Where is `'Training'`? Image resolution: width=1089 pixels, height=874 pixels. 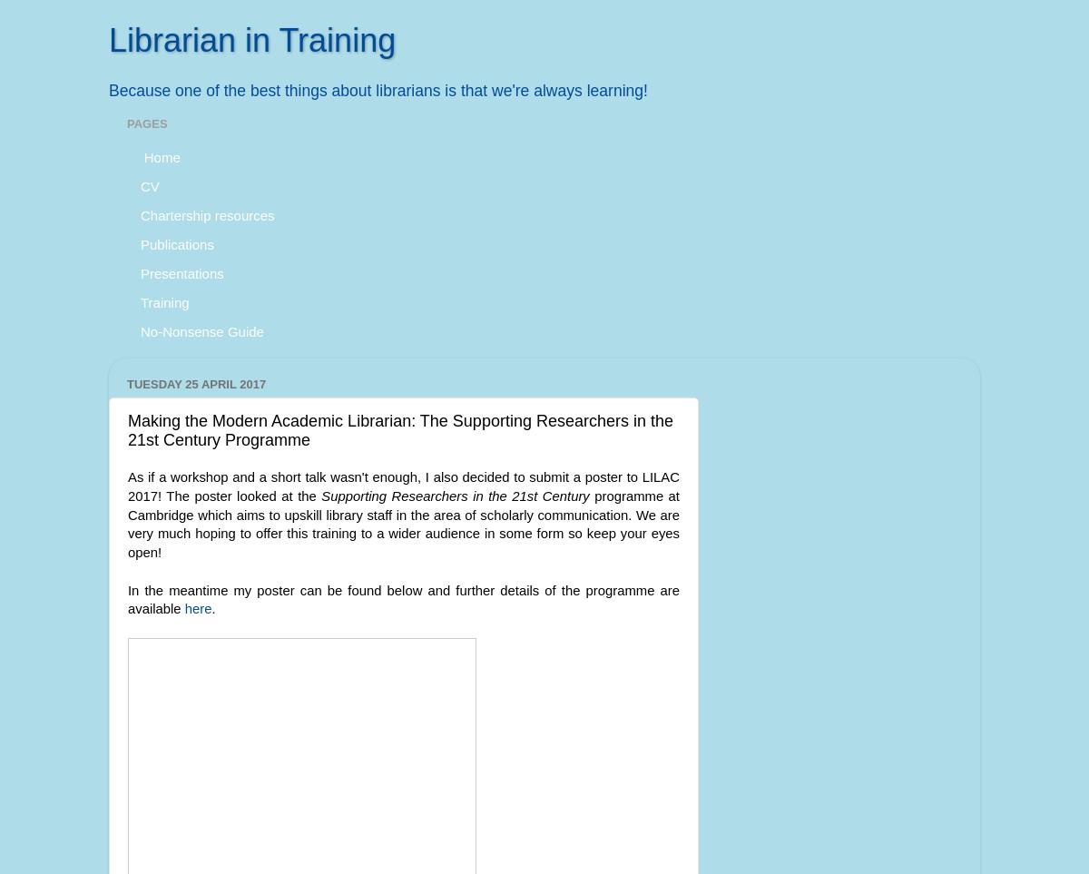
'Training' is located at coordinates (163, 301).